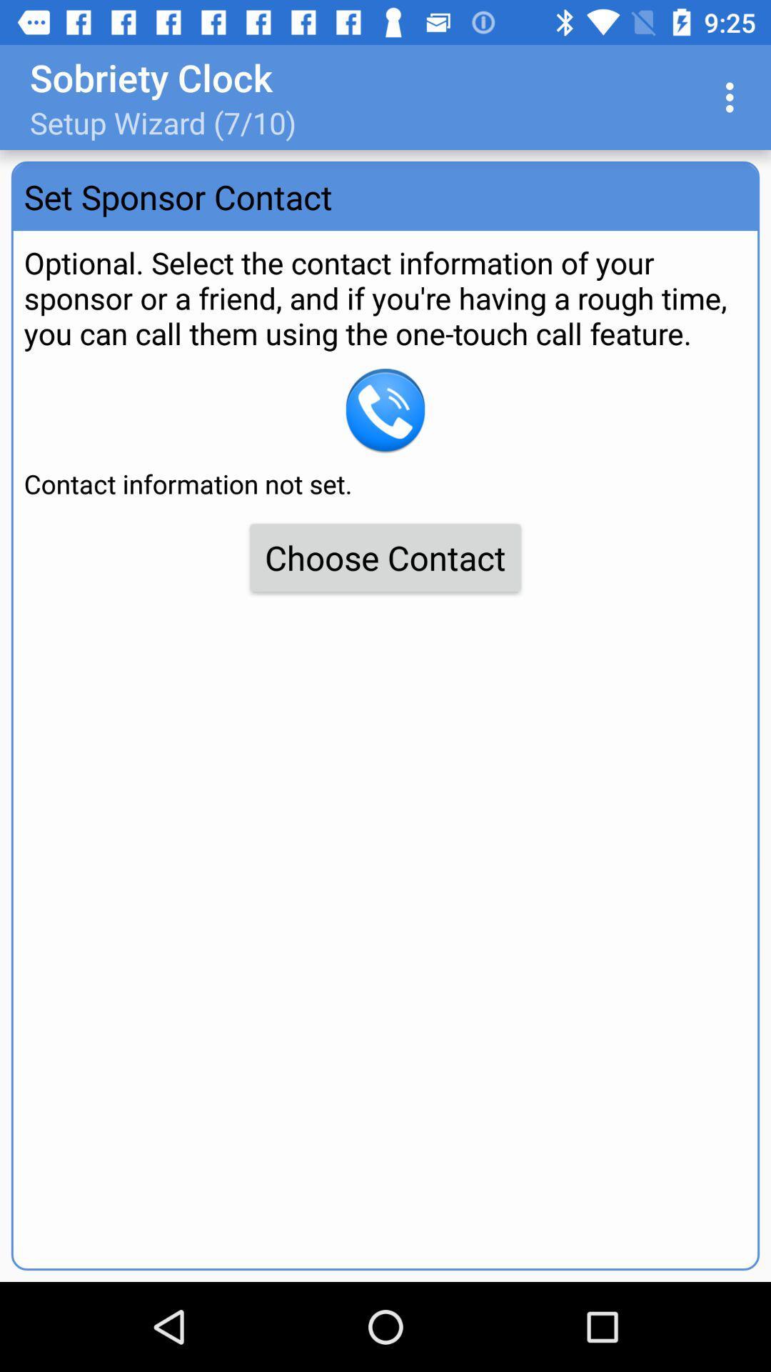 This screenshot has height=1372, width=771. Describe the element at coordinates (733, 96) in the screenshot. I see `item at the top right corner` at that location.